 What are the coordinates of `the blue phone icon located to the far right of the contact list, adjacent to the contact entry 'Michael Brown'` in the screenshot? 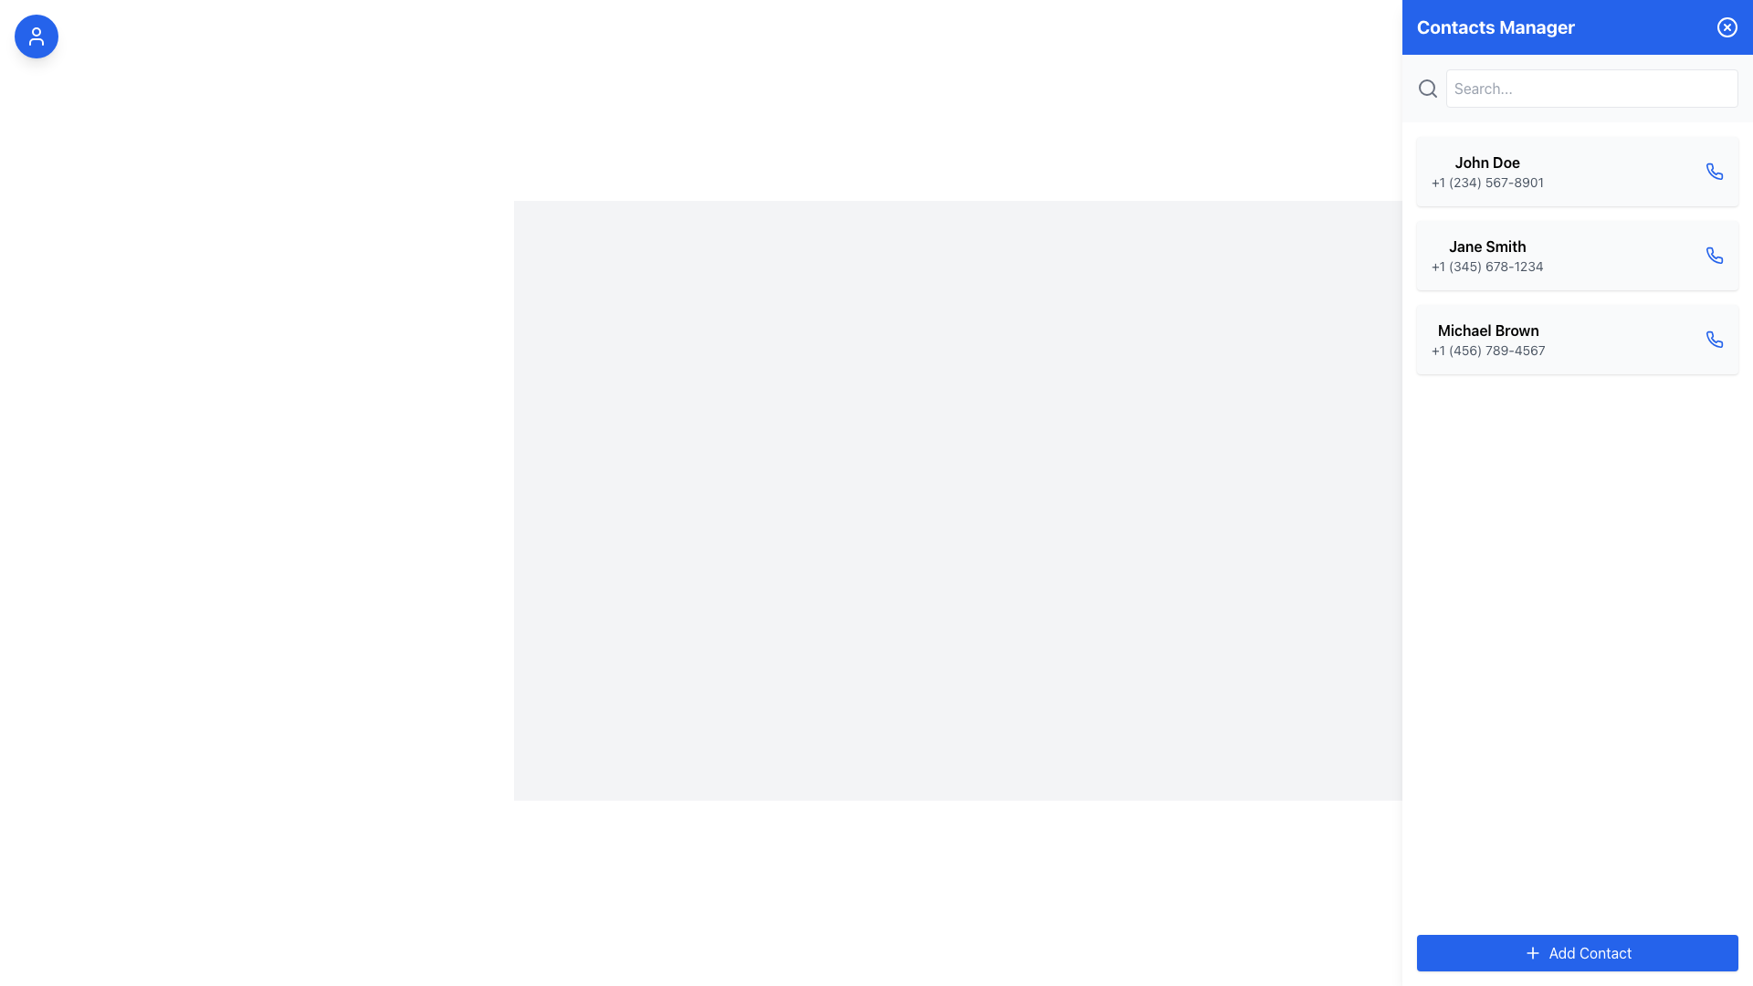 It's located at (1714, 255).